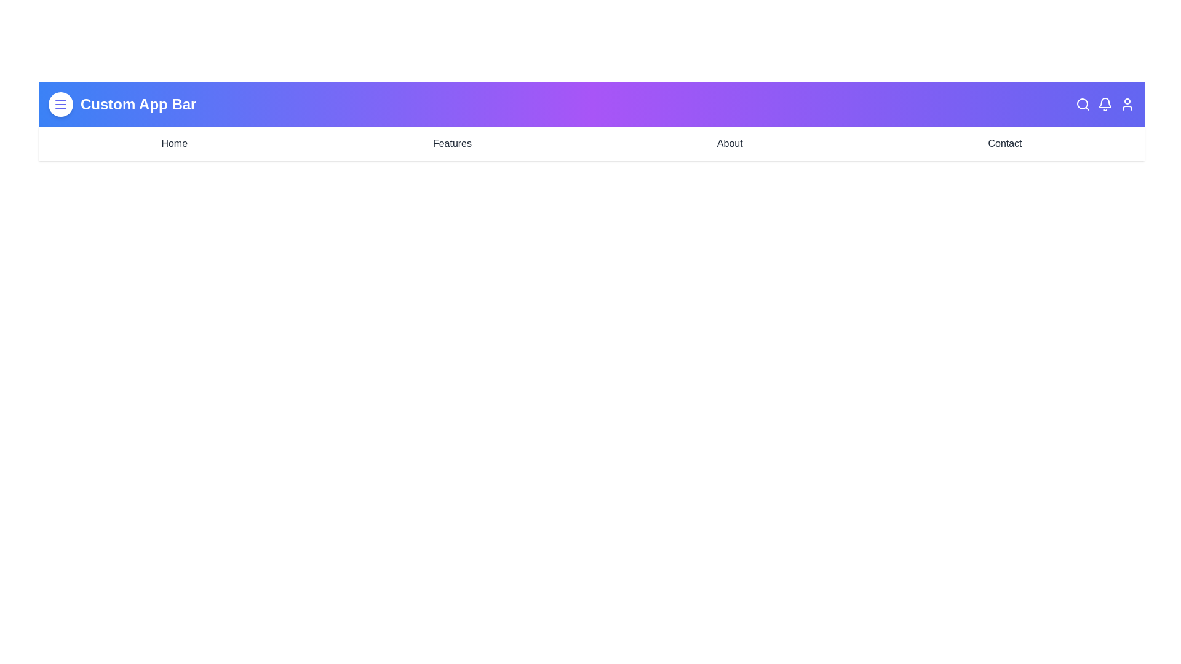 This screenshot has width=1181, height=664. Describe the element at coordinates (60, 103) in the screenshot. I see `the menu_button to observe visual changes` at that location.